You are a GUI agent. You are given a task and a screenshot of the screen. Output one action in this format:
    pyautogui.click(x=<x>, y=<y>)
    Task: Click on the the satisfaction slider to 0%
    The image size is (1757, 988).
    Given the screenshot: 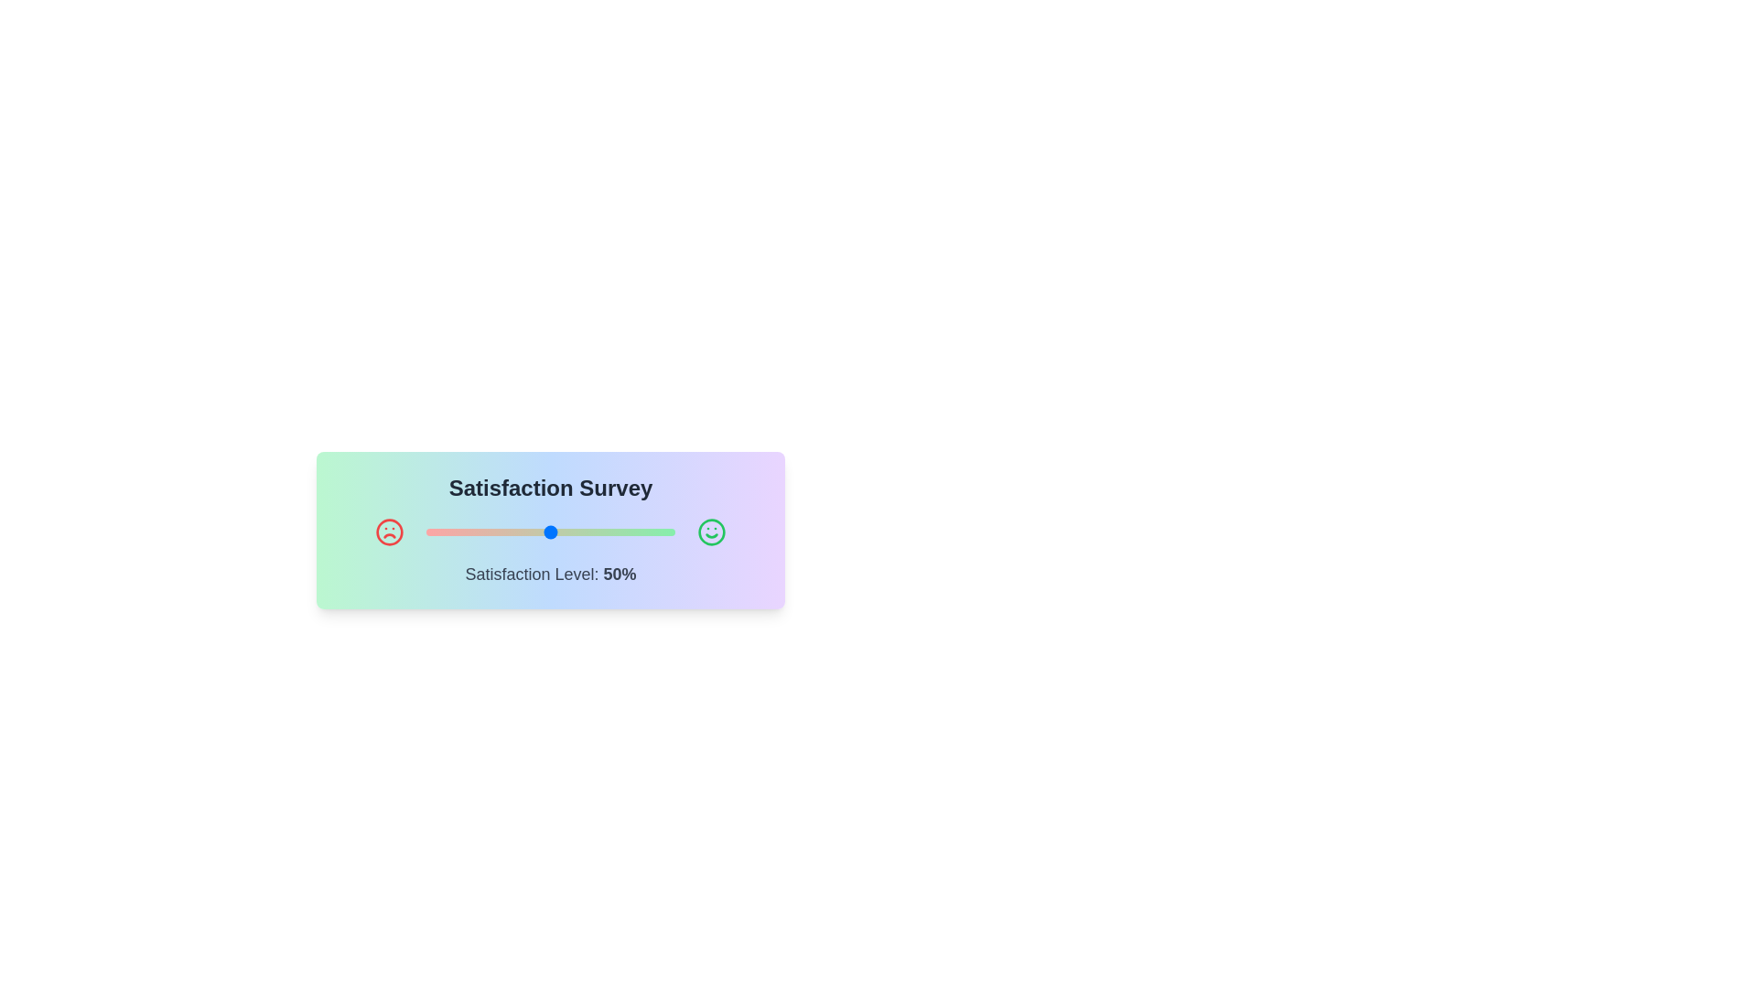 What is the action you would take?
    pyautogui.click(x=425, y=532)
    